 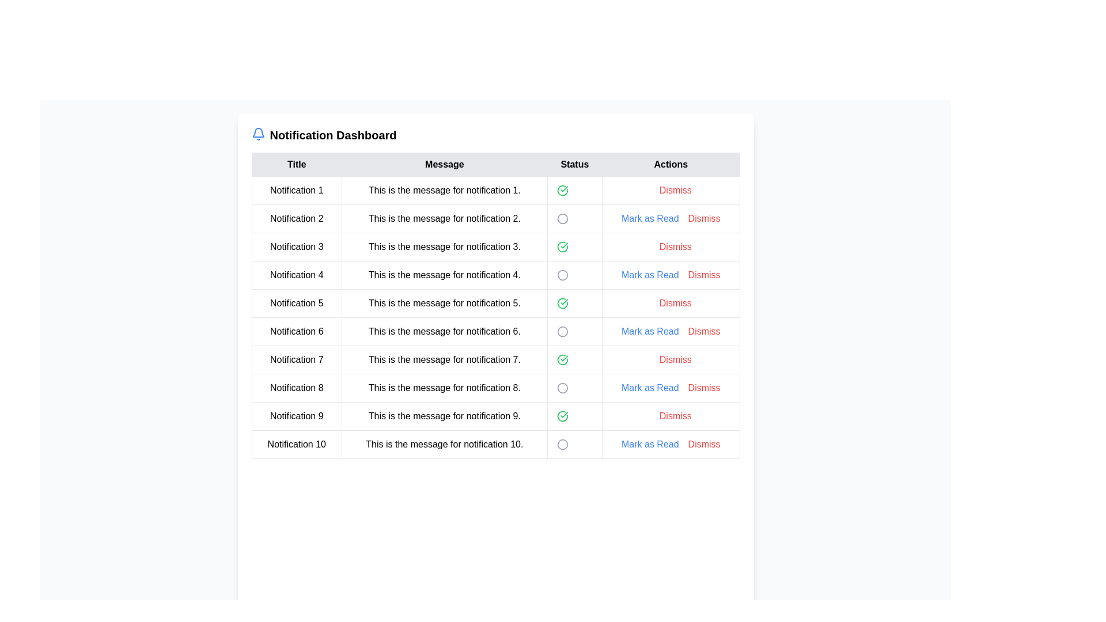 I want to click on icon styling of the Status Indicator located in the 'Status' column of the notification table for 'Notification 1', so click(x=574, y=190).